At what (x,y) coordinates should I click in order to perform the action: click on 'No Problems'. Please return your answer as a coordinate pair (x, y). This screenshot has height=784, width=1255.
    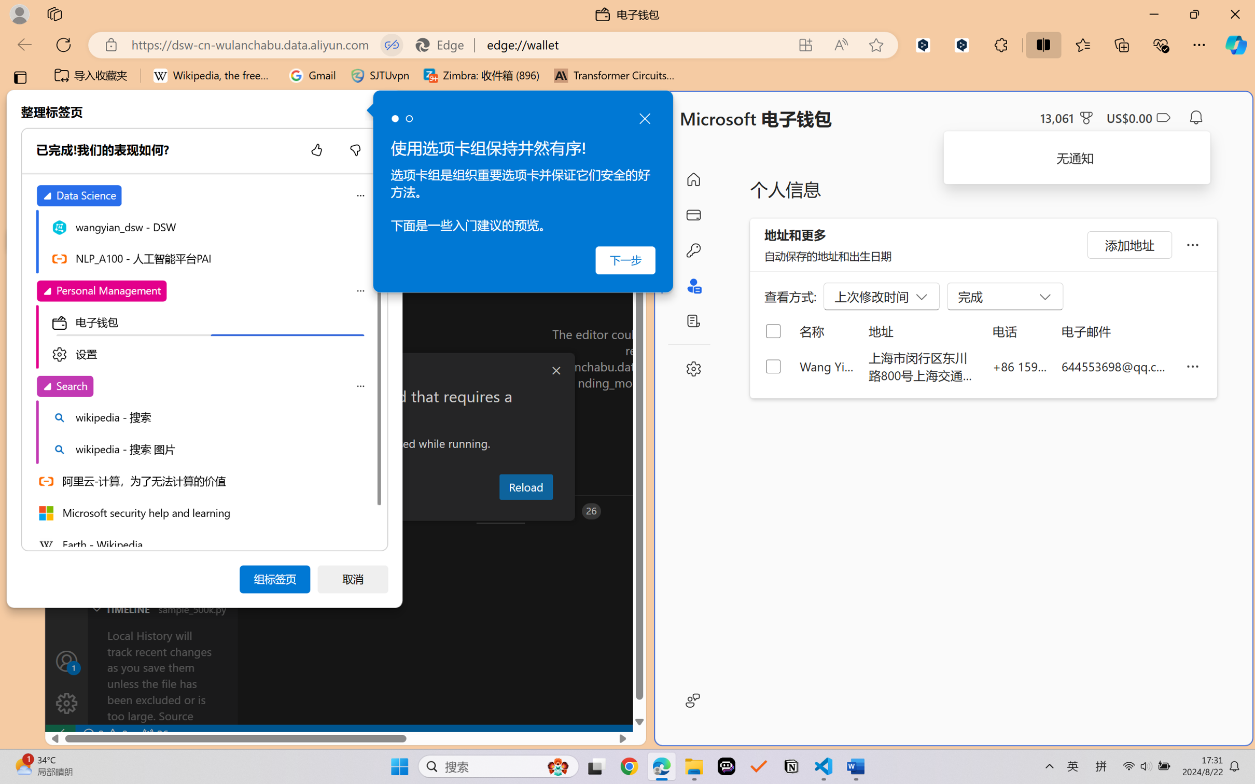
    Looking at the image, I should click on (104, 734).